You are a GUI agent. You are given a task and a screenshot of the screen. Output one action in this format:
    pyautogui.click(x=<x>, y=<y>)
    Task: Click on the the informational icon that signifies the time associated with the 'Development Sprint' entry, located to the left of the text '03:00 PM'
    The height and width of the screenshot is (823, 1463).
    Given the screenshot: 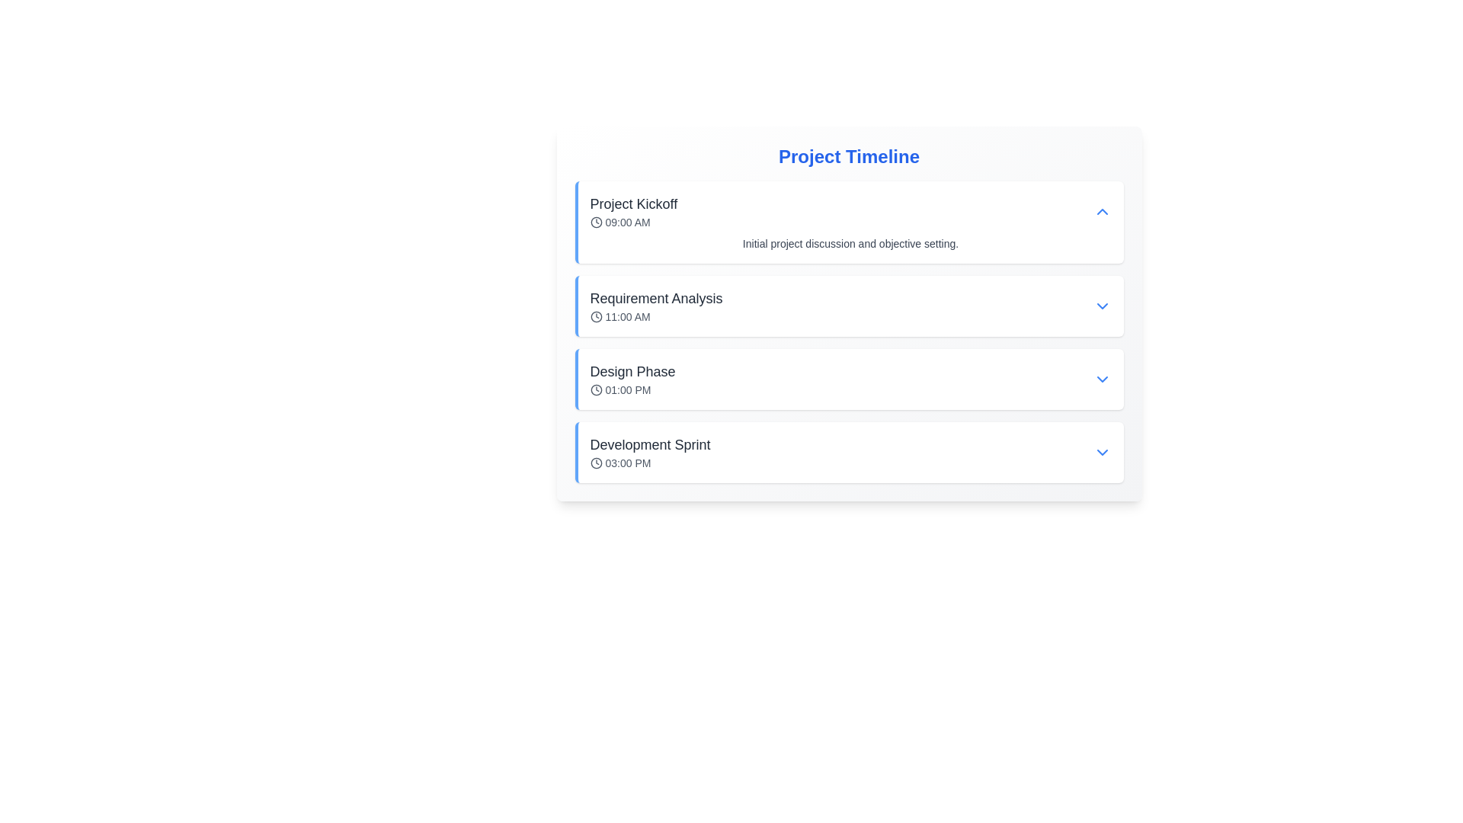 What is the action you would take?
    pyautogui.click(x=595, y=463)
    